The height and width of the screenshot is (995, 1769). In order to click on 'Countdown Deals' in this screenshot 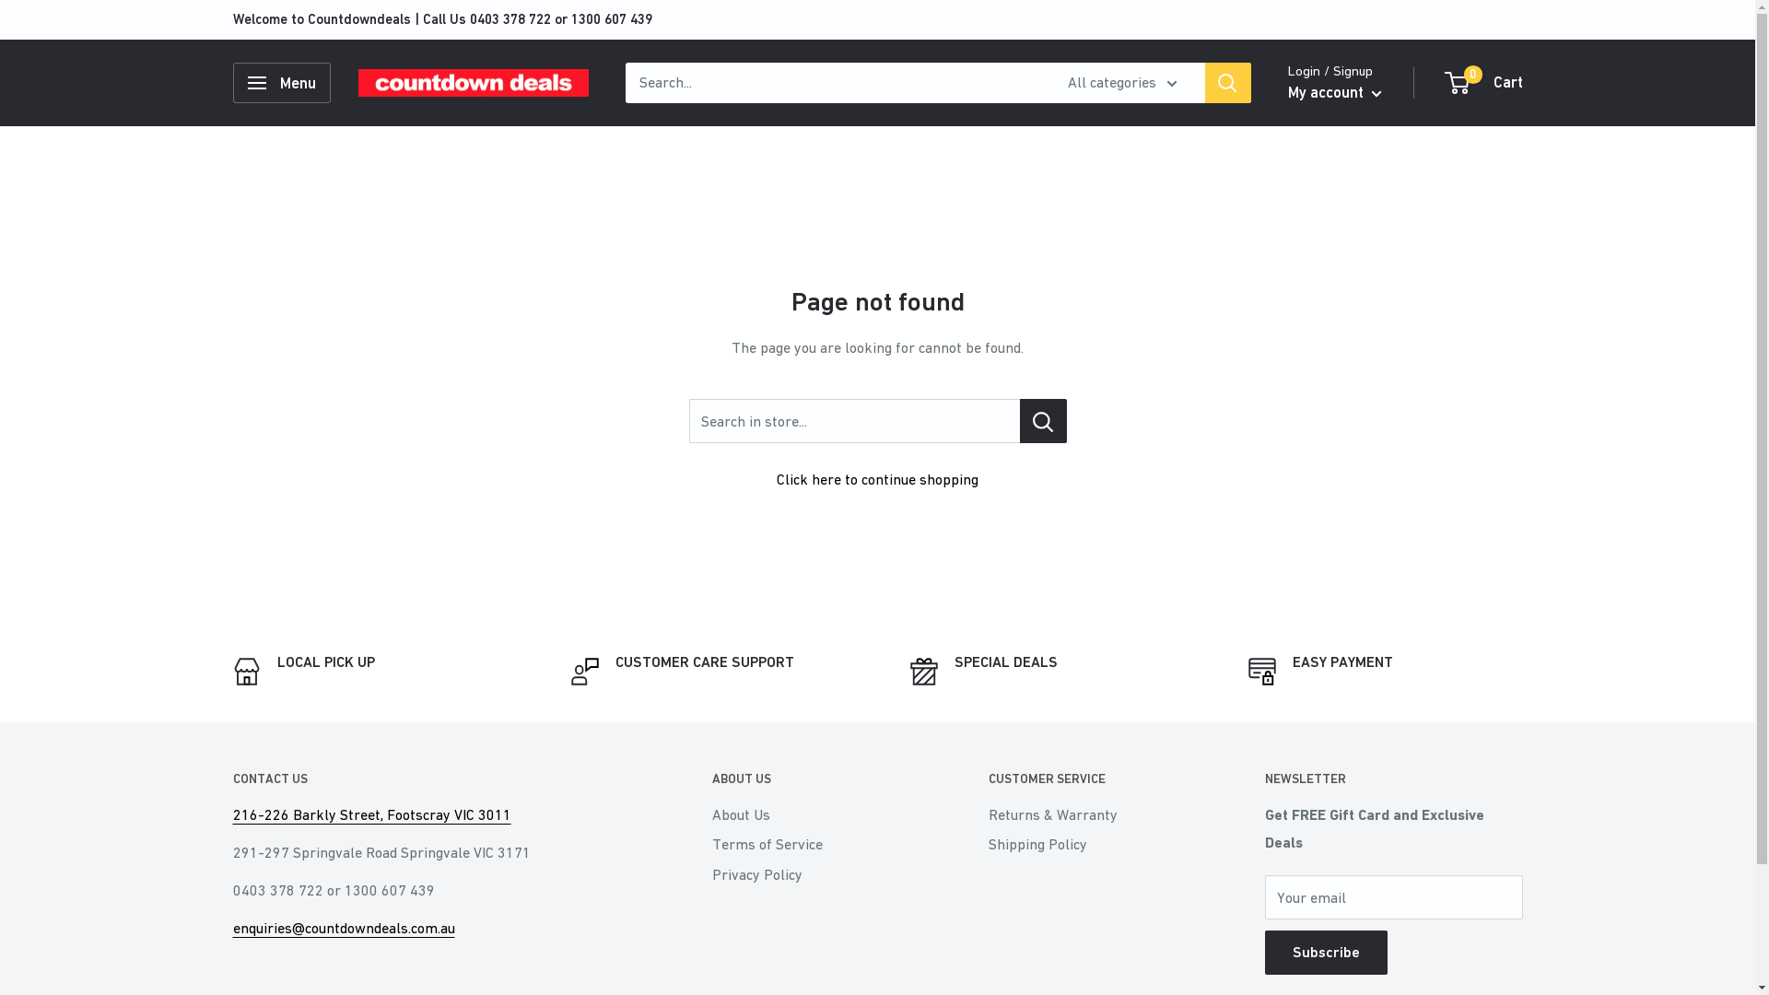, I will do `click(473, 83)`.